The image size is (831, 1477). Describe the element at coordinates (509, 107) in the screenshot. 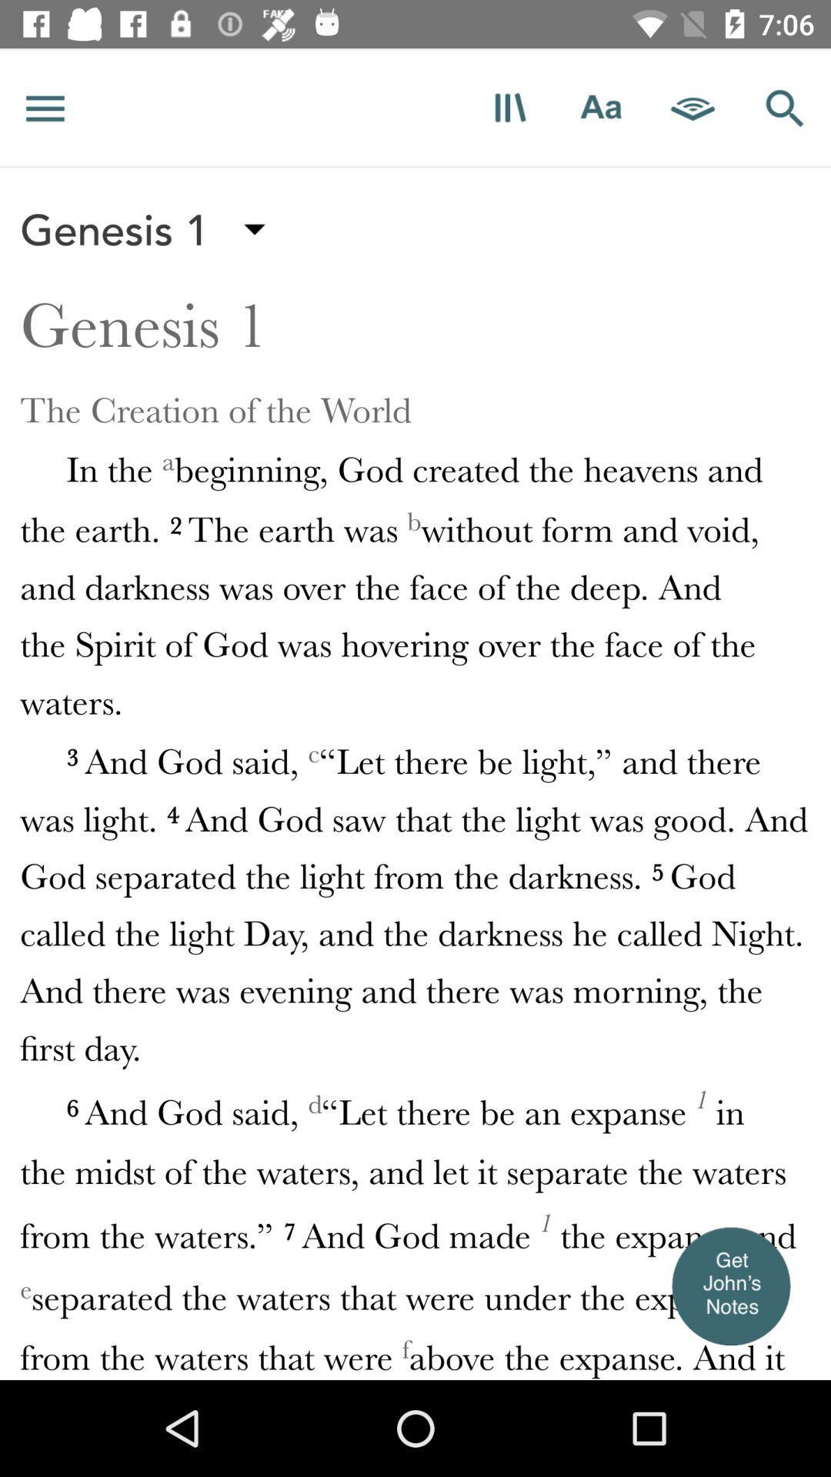

I see `the study bible` at that location.